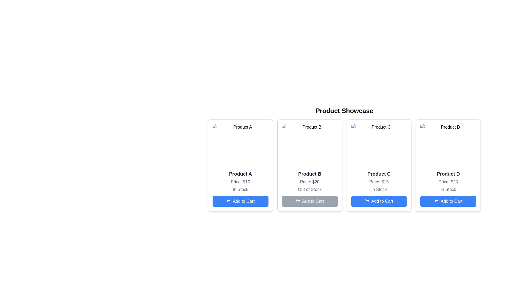 The height and width of the screenshot is (290, 516). I want to click on the shopping cart icon within the 'Add to Cart' button in the third card labeled 'Product B', so click(298, 201).